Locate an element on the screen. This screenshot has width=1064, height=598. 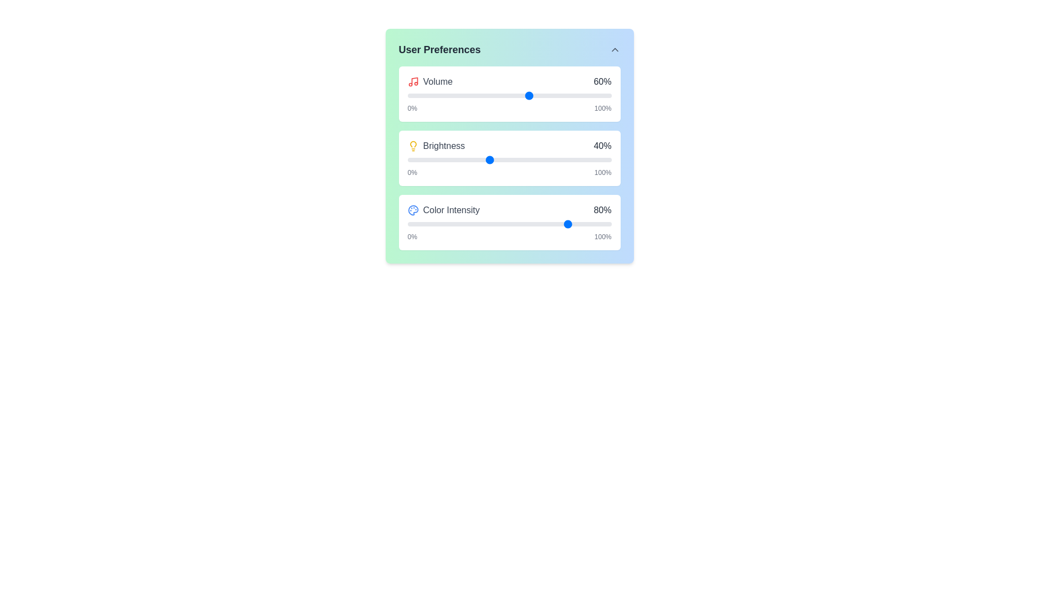
the volume is located at coordinates (542, 95).